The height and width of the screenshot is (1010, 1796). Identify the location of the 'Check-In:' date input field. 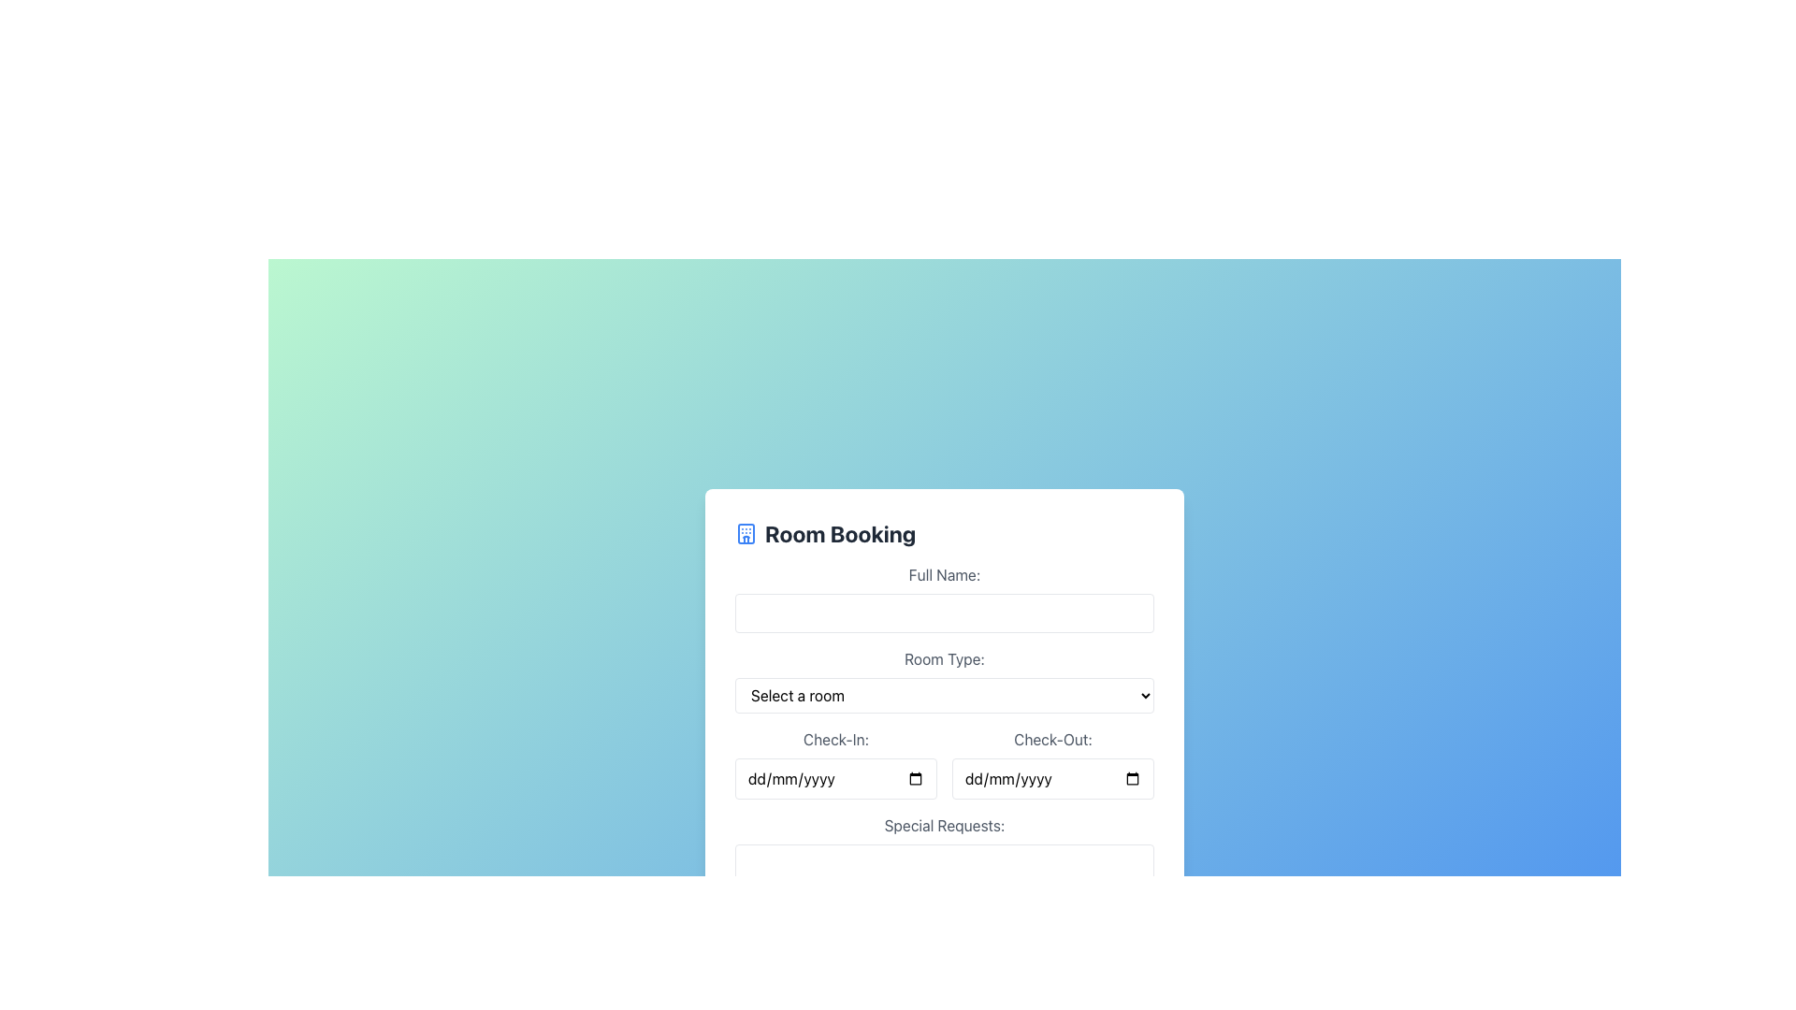
(944, 764).